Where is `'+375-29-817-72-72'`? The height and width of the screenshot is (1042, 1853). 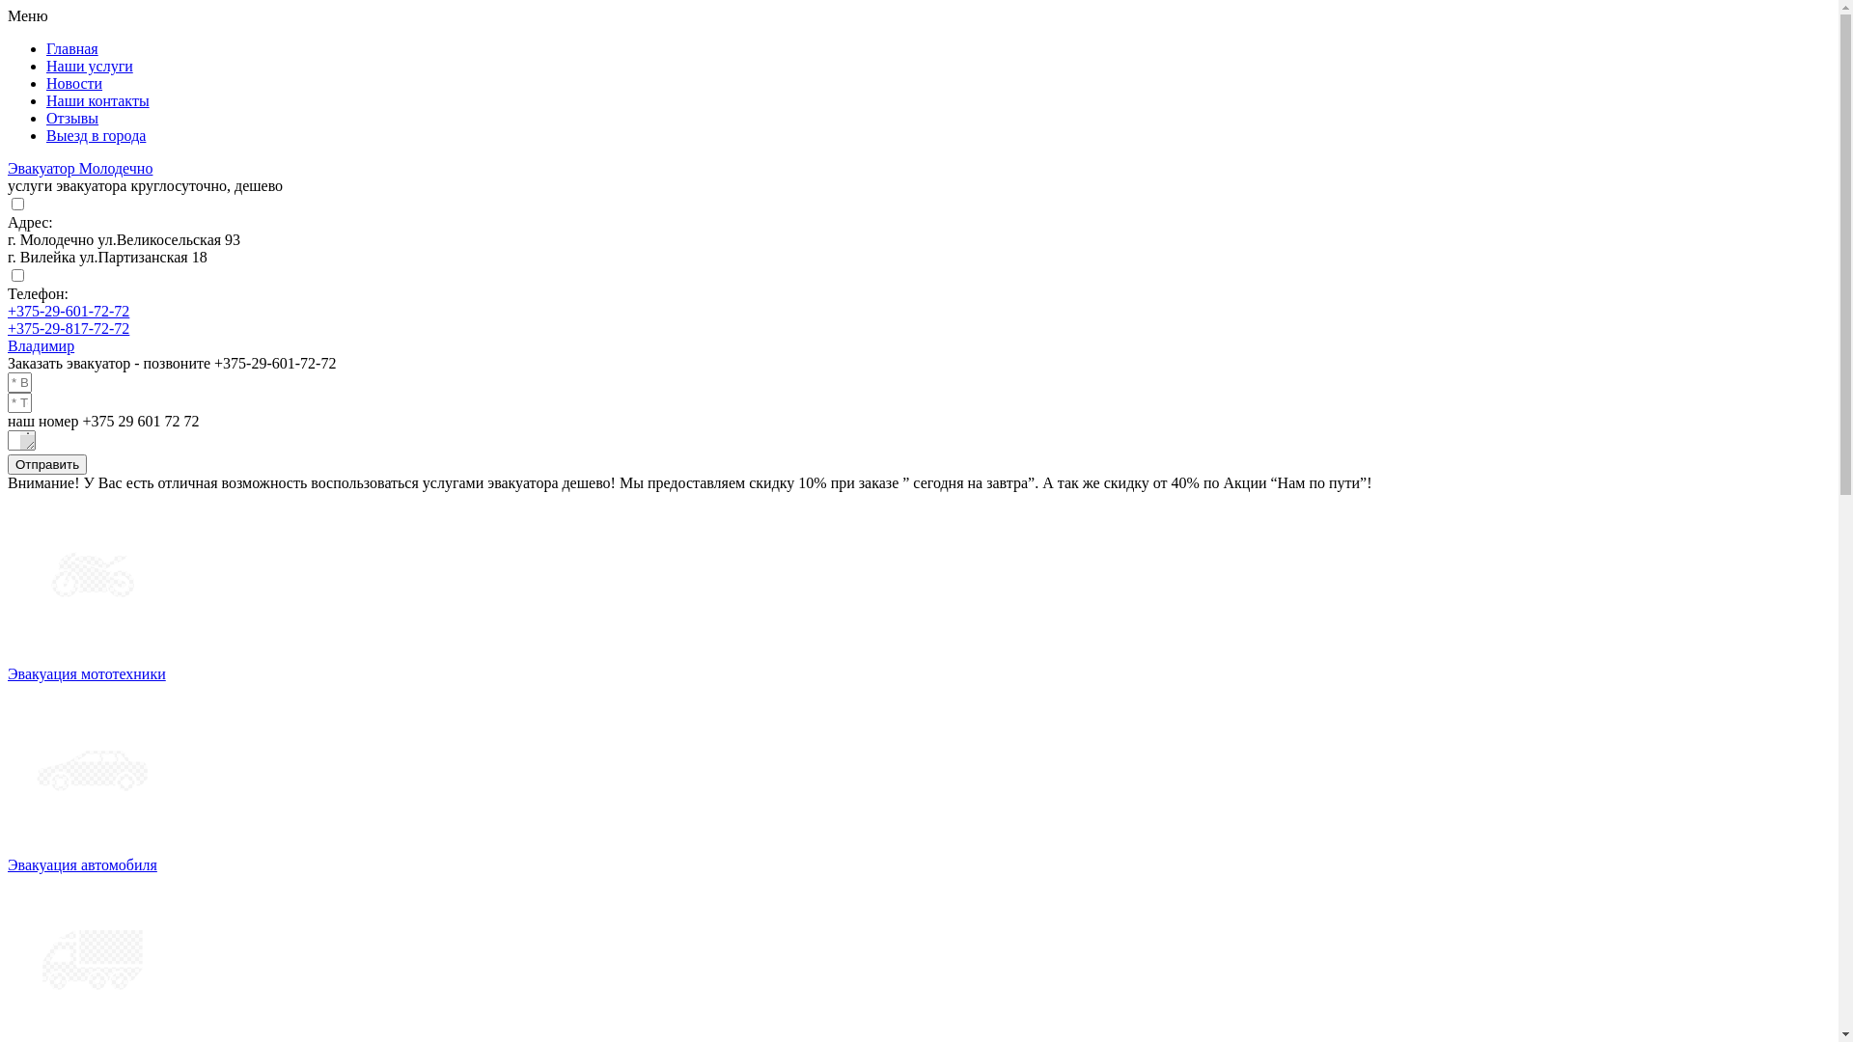
'+375-29-817-72-72' is located at coordinates (69, 327).